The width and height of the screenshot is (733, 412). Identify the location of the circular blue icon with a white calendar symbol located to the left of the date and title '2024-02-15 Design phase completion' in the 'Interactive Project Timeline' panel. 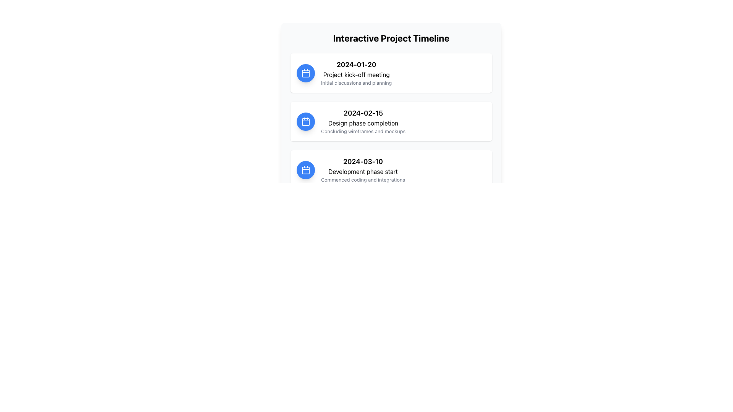
(306, 121).